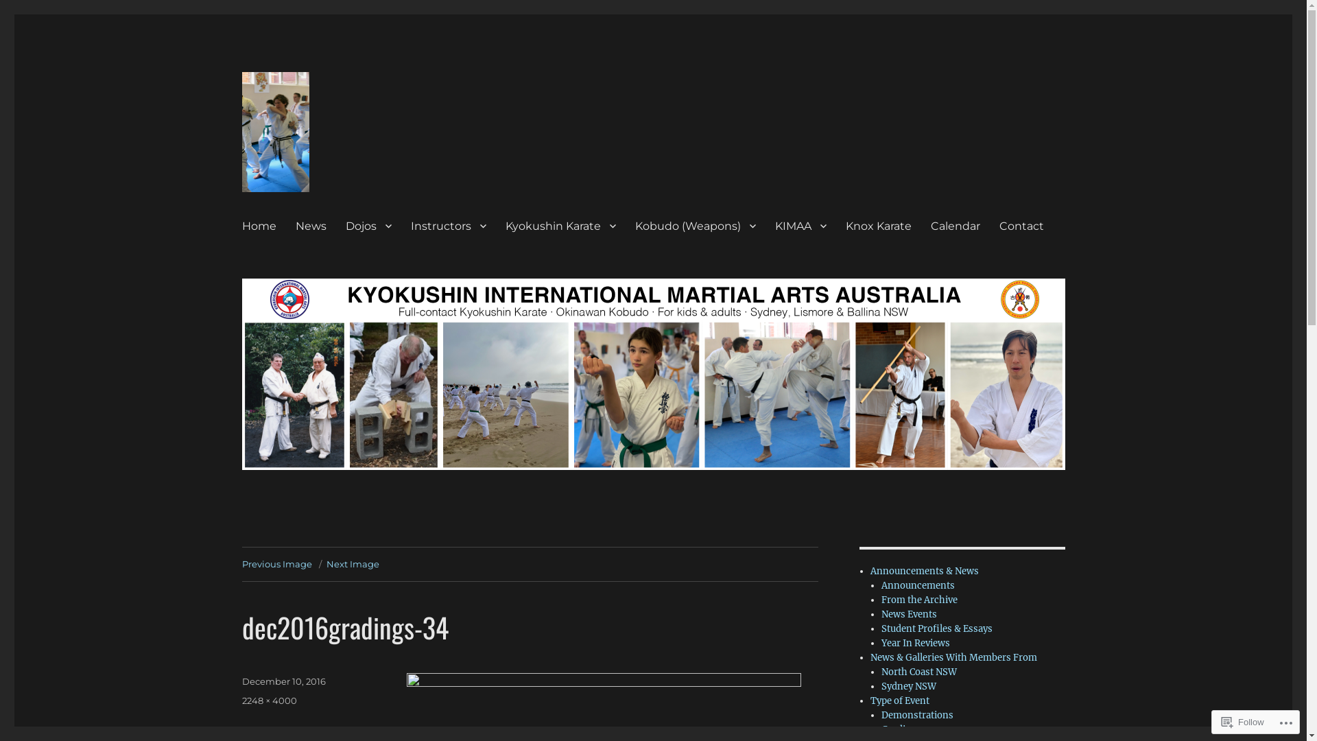  I want to click on 'Year In Reviews', so click(915, 643).